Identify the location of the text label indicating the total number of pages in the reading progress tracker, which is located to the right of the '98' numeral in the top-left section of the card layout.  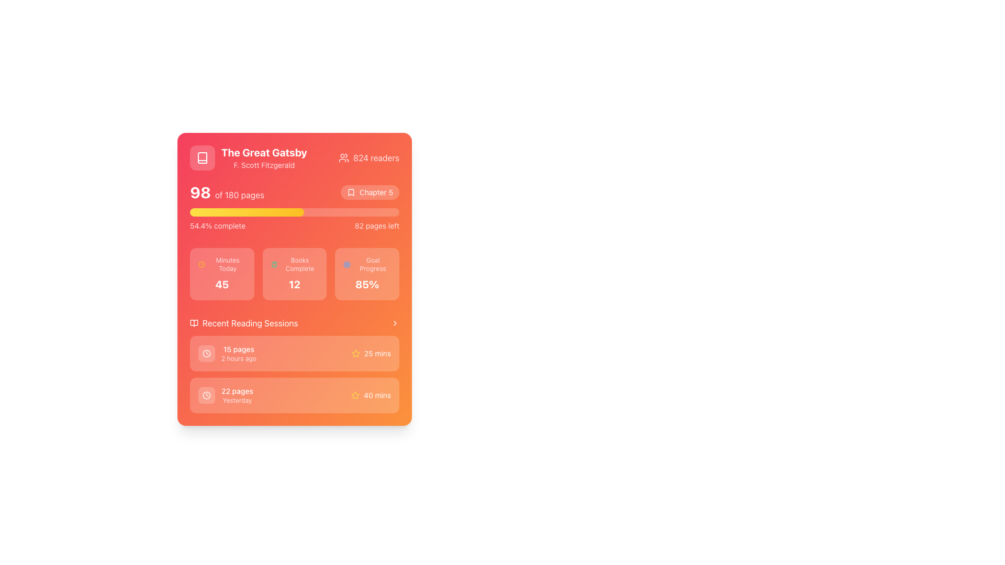
(239, 195).